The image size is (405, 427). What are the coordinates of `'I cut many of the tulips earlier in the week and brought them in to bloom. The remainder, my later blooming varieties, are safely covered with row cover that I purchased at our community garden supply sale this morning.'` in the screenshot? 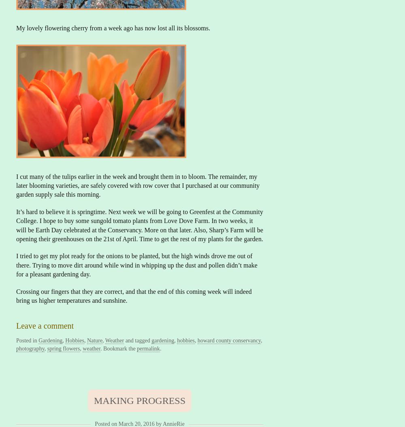 It's located at (137, 185).